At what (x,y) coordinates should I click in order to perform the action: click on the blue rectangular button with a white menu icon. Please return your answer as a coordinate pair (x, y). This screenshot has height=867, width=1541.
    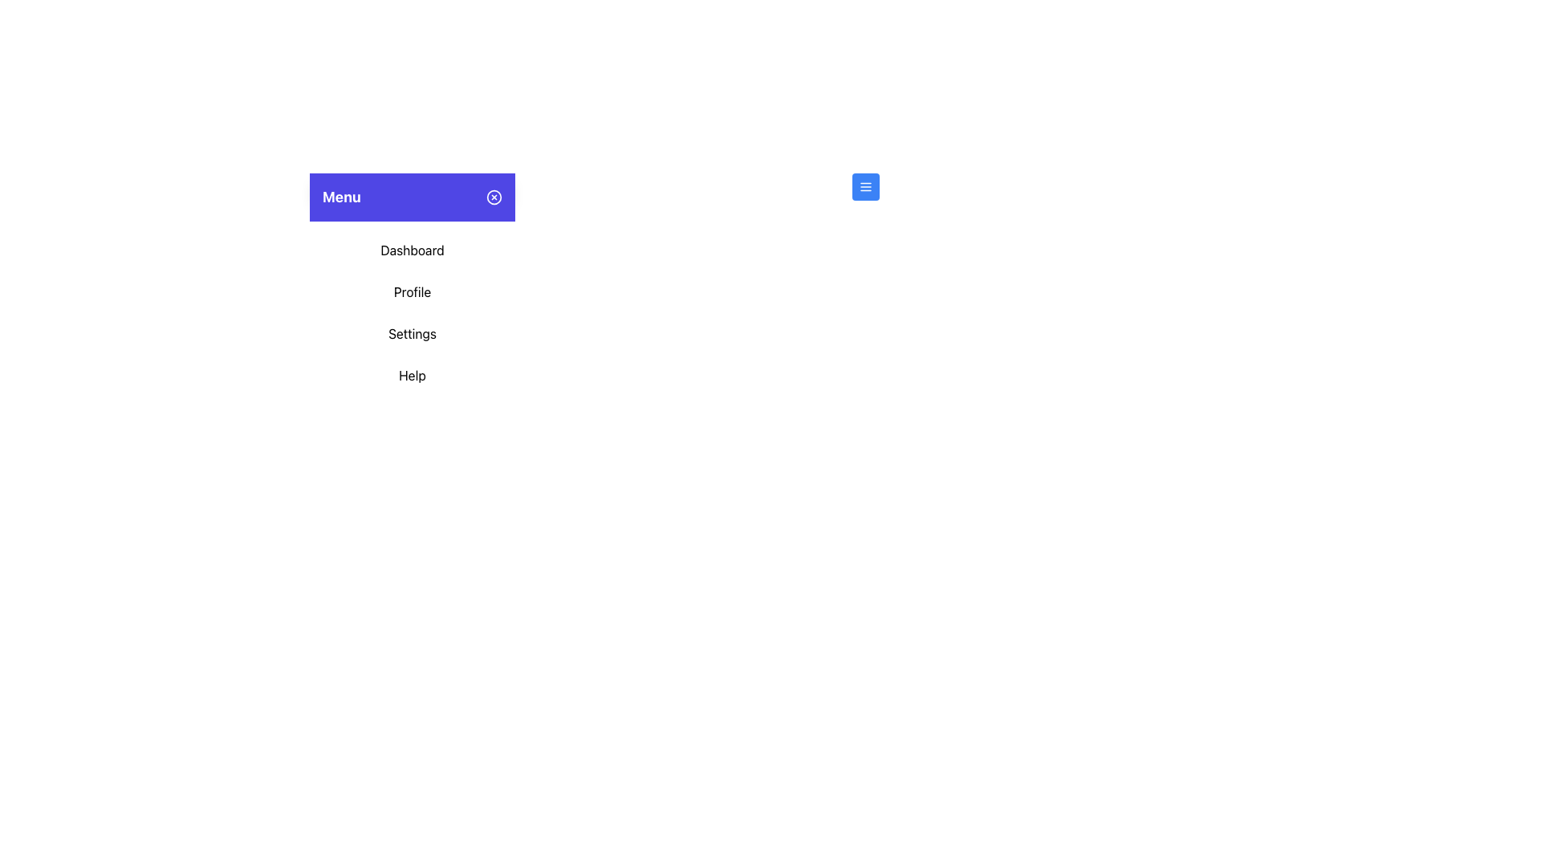
    Looking at the image, I should click on (864, 185).